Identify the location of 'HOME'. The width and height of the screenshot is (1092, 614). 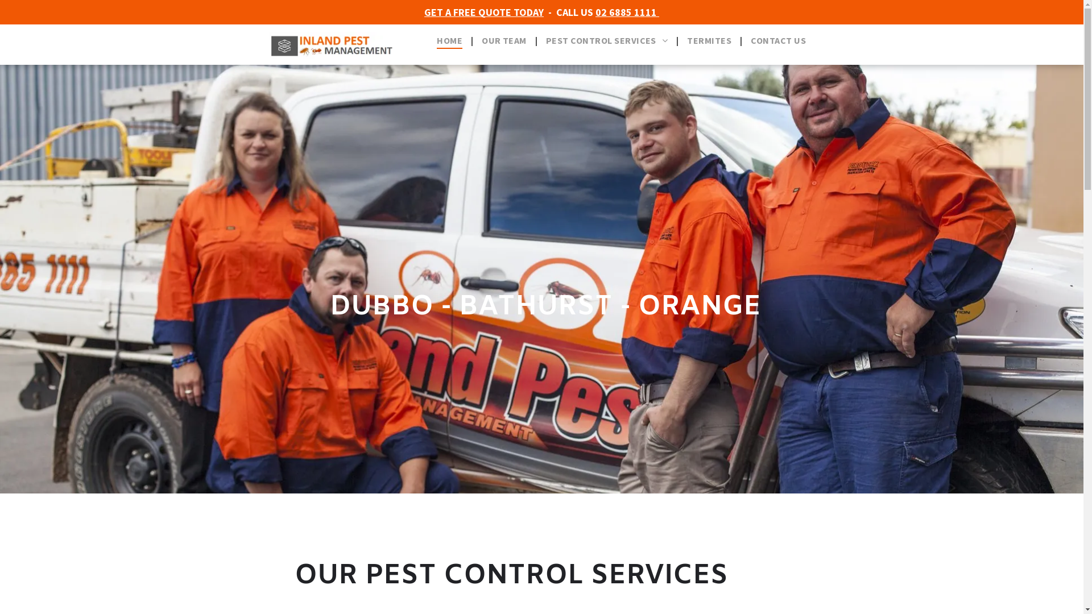
(449, 39).